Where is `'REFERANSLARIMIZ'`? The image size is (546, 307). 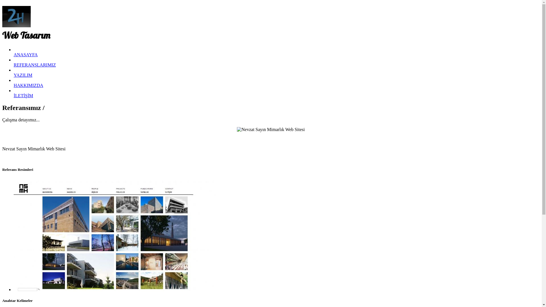 'REFERANSLARIMIZ' is located at coordinates (34, 67).